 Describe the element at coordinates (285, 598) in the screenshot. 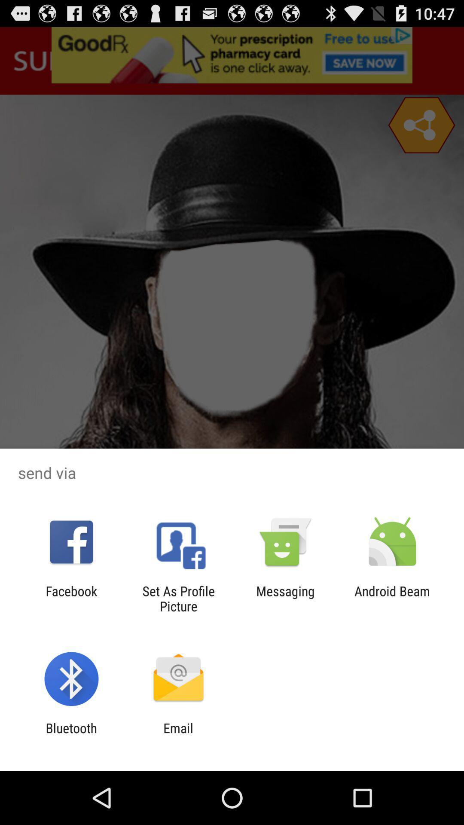

I see `the item next to android beam` at that location.